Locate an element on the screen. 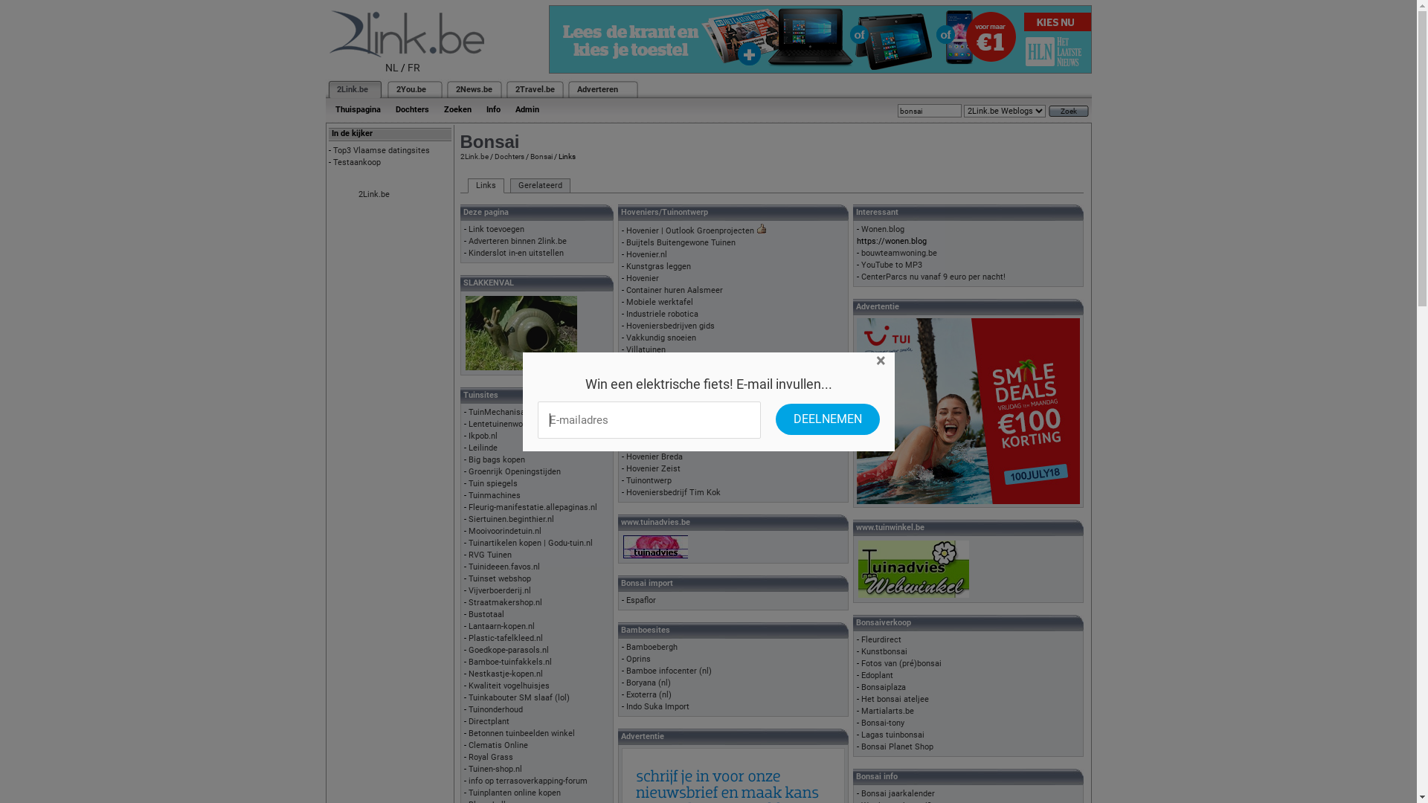 The image size is (1428, 803). 'Oprins' is located at coordinates (638, 658).